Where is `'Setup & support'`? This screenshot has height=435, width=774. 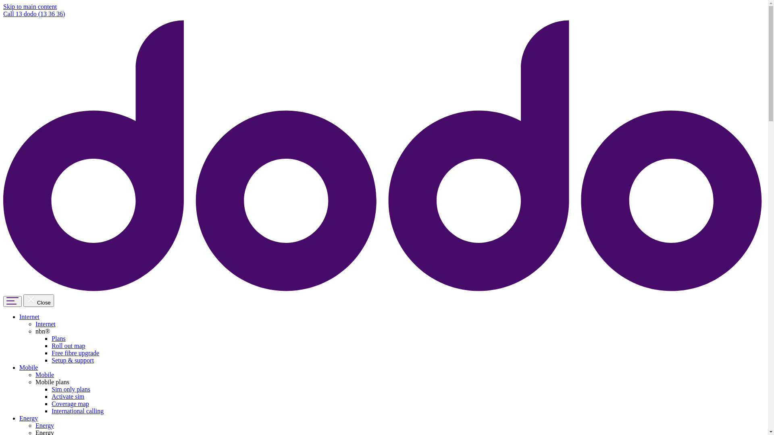
'Setup & support' is located at coordinates (73, 360).